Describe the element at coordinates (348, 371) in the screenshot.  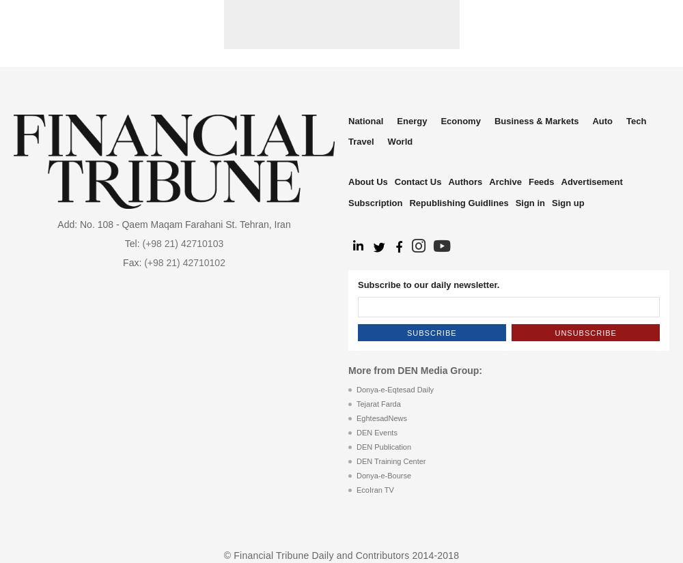
I see `'More from DEN Media Group:'` at that location.